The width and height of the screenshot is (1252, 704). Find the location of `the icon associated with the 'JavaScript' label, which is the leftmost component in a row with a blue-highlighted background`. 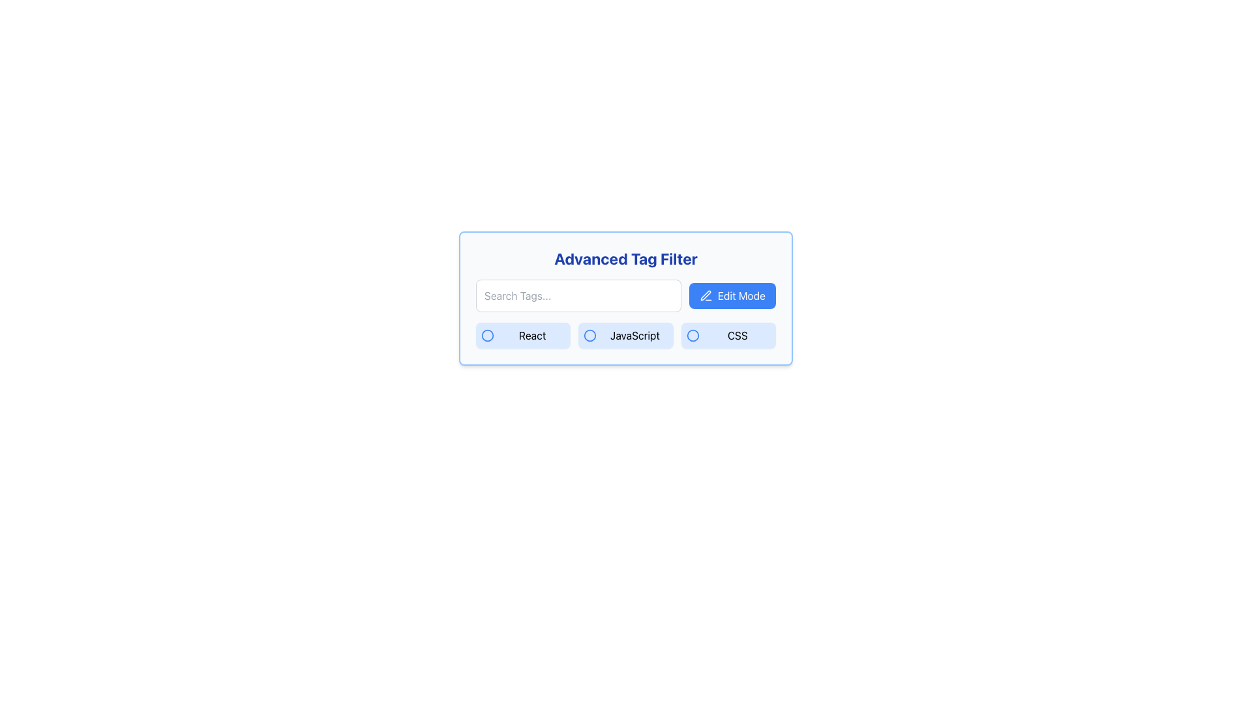

the icon associated with the 'JavaScript' label, which is the leftmost component in a row with a blue-highlighted background is located at coordinates (589, 335).